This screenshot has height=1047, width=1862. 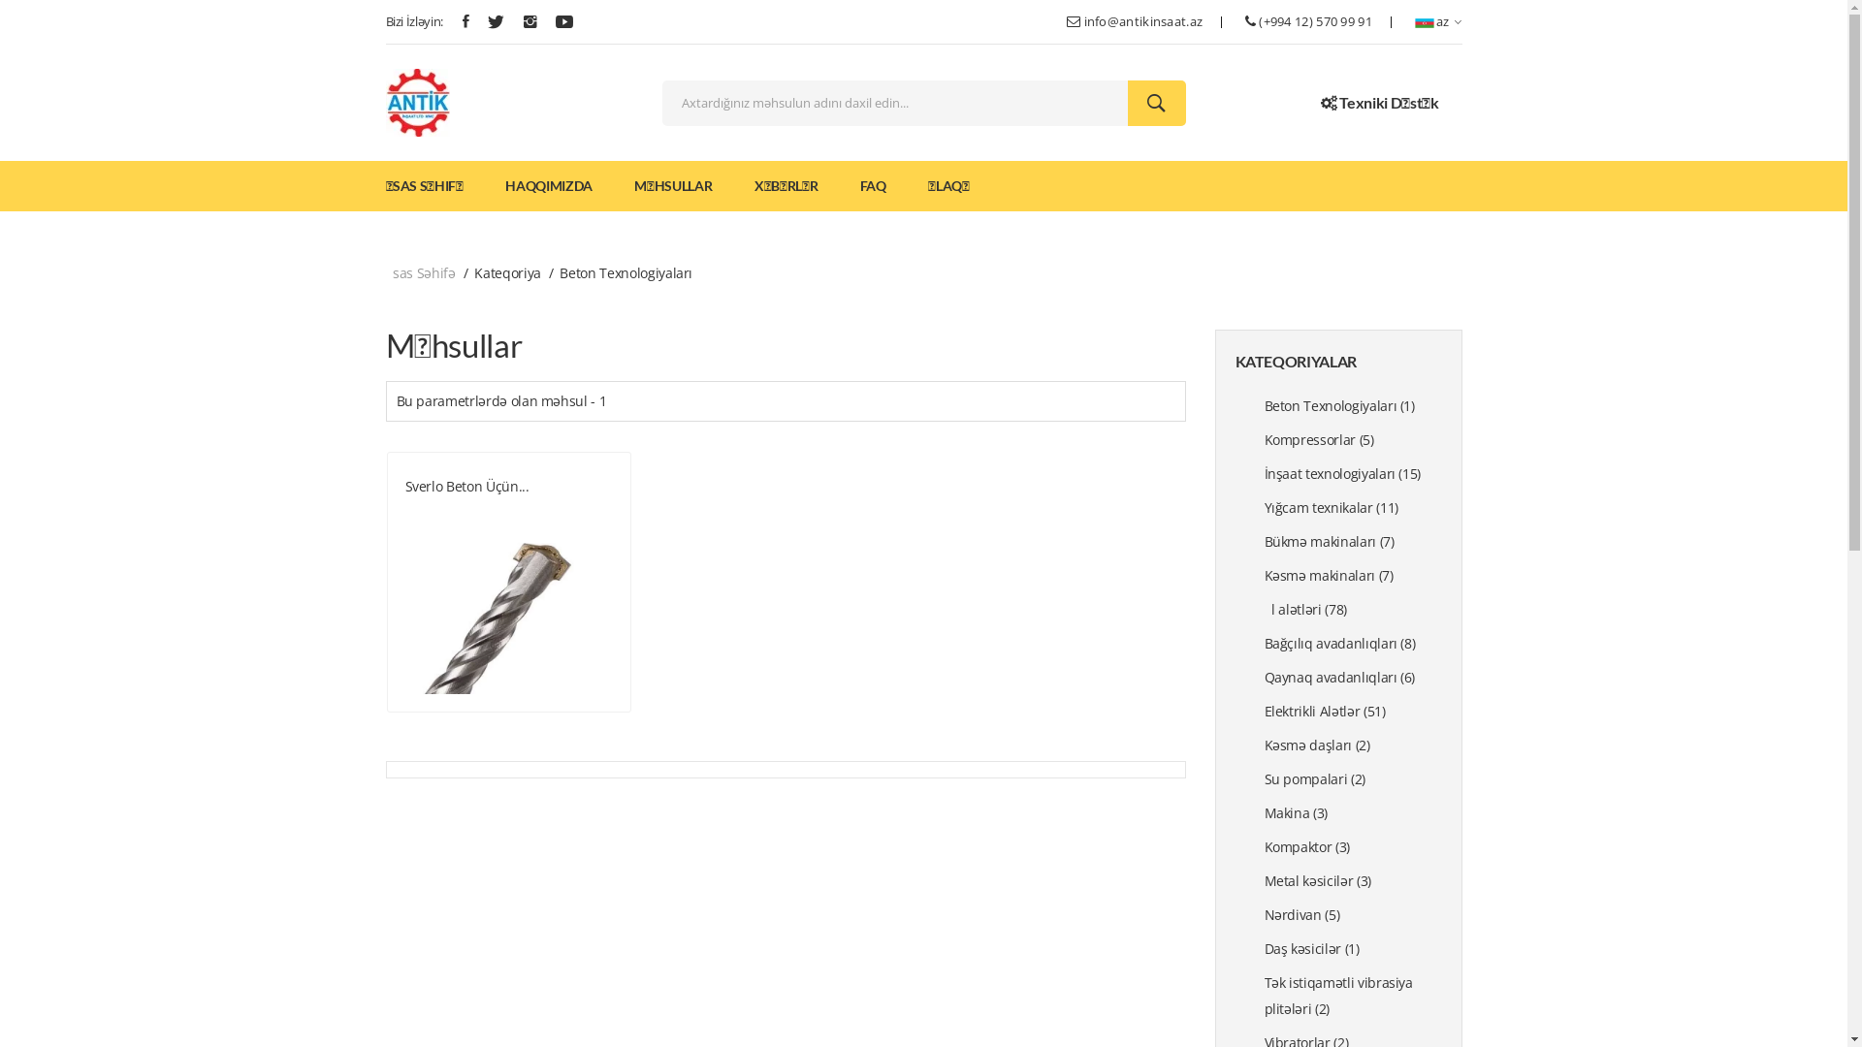 What do you see at coordinates (1352, 845) in the screenshot?
I see `'Kompaktor (3)'` at bounding box center [1352, 845].